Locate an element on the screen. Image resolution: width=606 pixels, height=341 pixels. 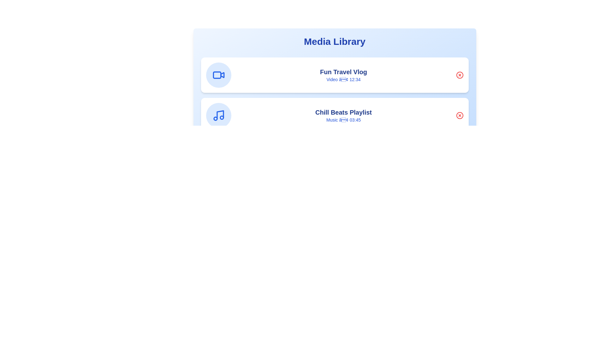
the media item icon corresponding to Fun Travel Vlog is located at coordinates (218, 75).